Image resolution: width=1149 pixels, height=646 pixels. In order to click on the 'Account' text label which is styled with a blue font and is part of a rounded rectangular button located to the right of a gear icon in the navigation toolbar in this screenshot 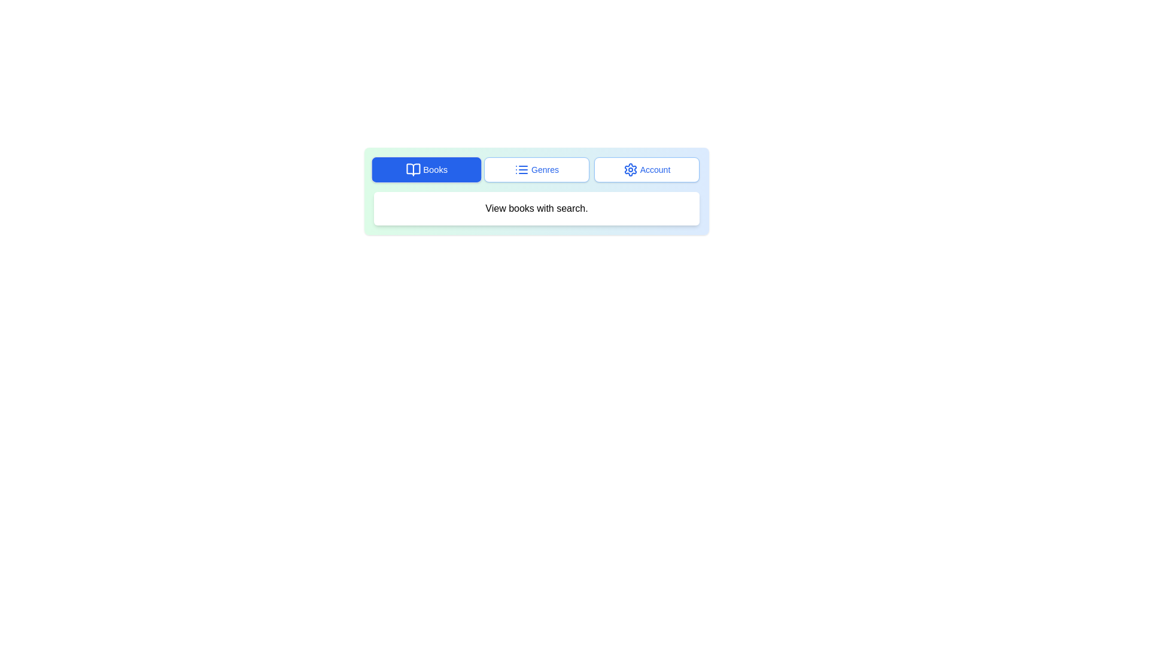, I will do `click(654, 170)`.